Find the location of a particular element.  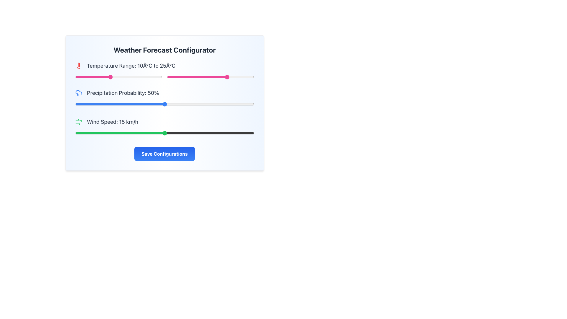

the wind icon that symbolizes air movement, which is green in color and positioned to the left of the 'Wind Speed: 15 km/h' text is located at coordinates (78, 121).